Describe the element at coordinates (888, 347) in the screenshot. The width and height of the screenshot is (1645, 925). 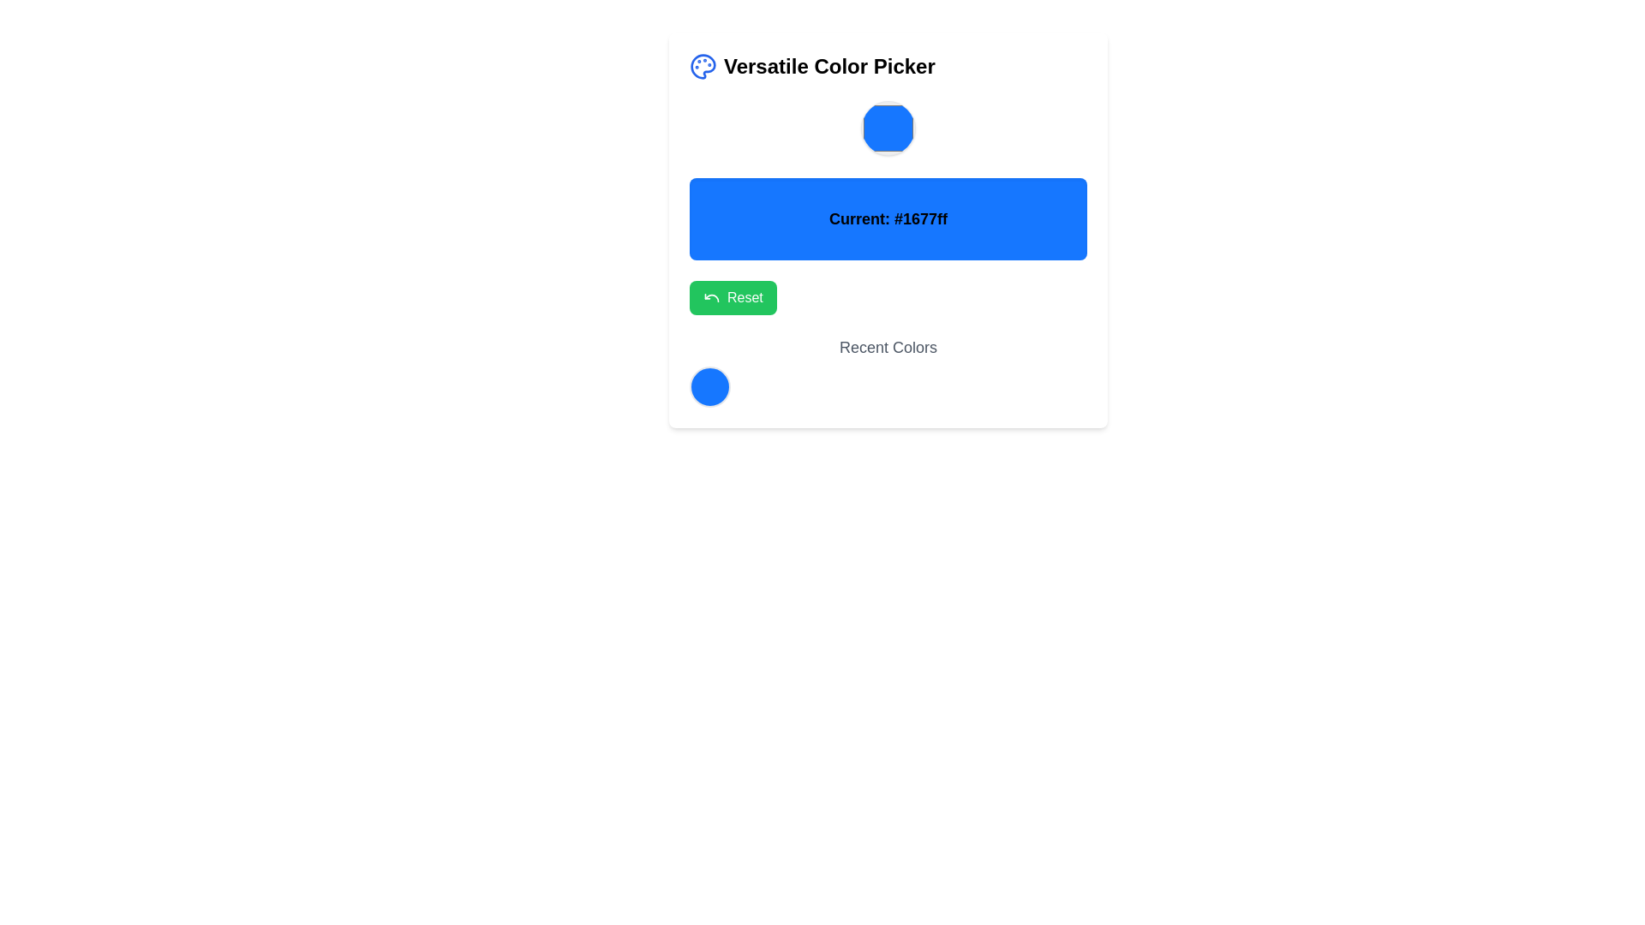
I see `the 'Recent Colors' label, which displays the phrase in a medium-sized gray font and is positioned below the 'Reset' button` at that location.